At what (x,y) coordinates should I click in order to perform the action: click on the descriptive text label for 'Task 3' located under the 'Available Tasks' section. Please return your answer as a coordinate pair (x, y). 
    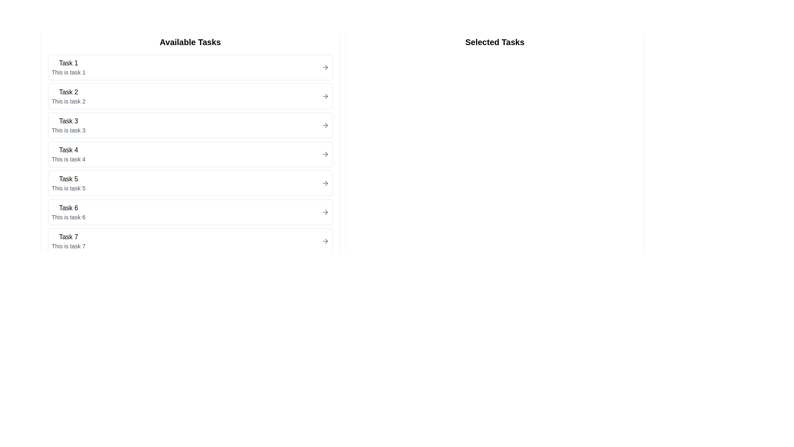
    Looking at the image, I should click on (68, 130).